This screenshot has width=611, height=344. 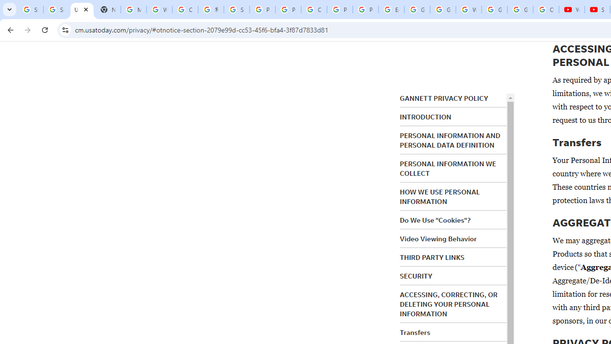 I want to click on 'Video Viewing Behavior', so click(x=437, y=238).